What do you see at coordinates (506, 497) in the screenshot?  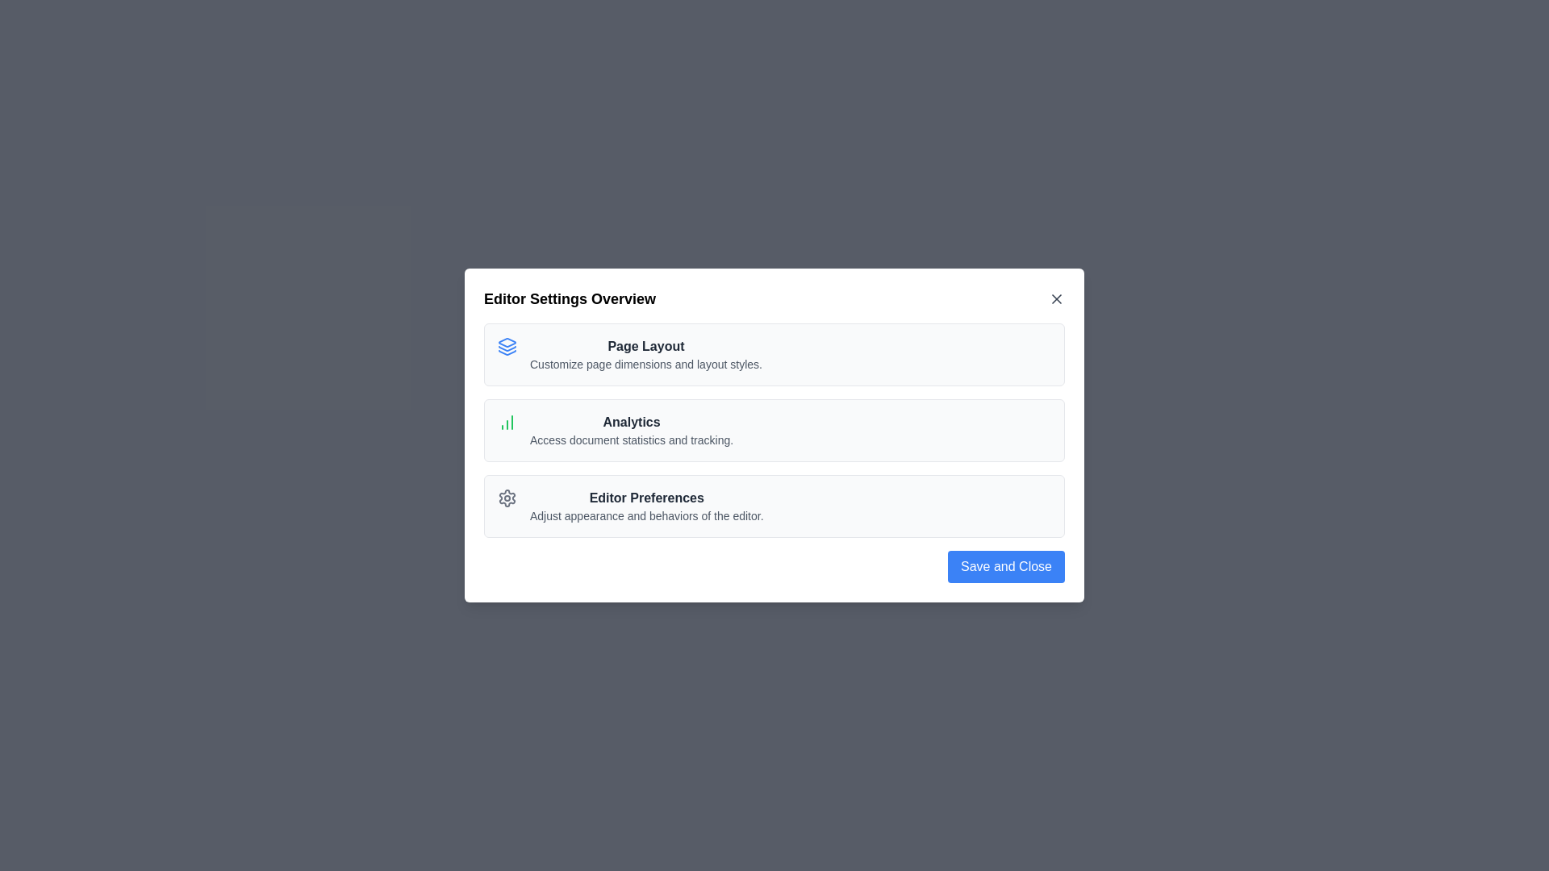 I see `the icon corresponding to Editor Preferences` at bounding box center [506, 497].